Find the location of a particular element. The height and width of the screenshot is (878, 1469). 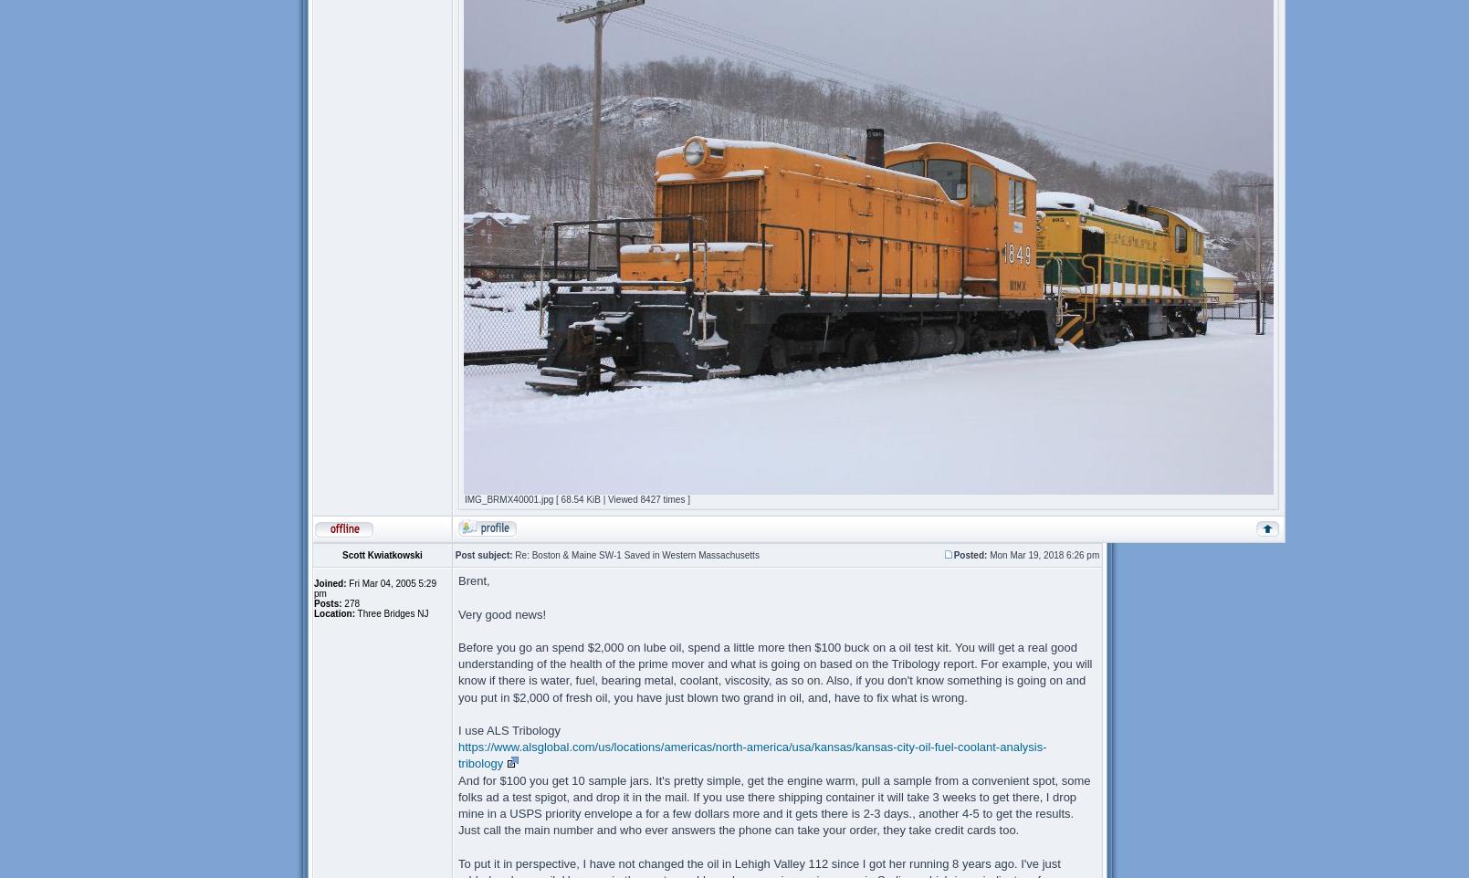

'Mon Mar 19, 2018 6:26 pm' is located at coordinates (1043, 554).